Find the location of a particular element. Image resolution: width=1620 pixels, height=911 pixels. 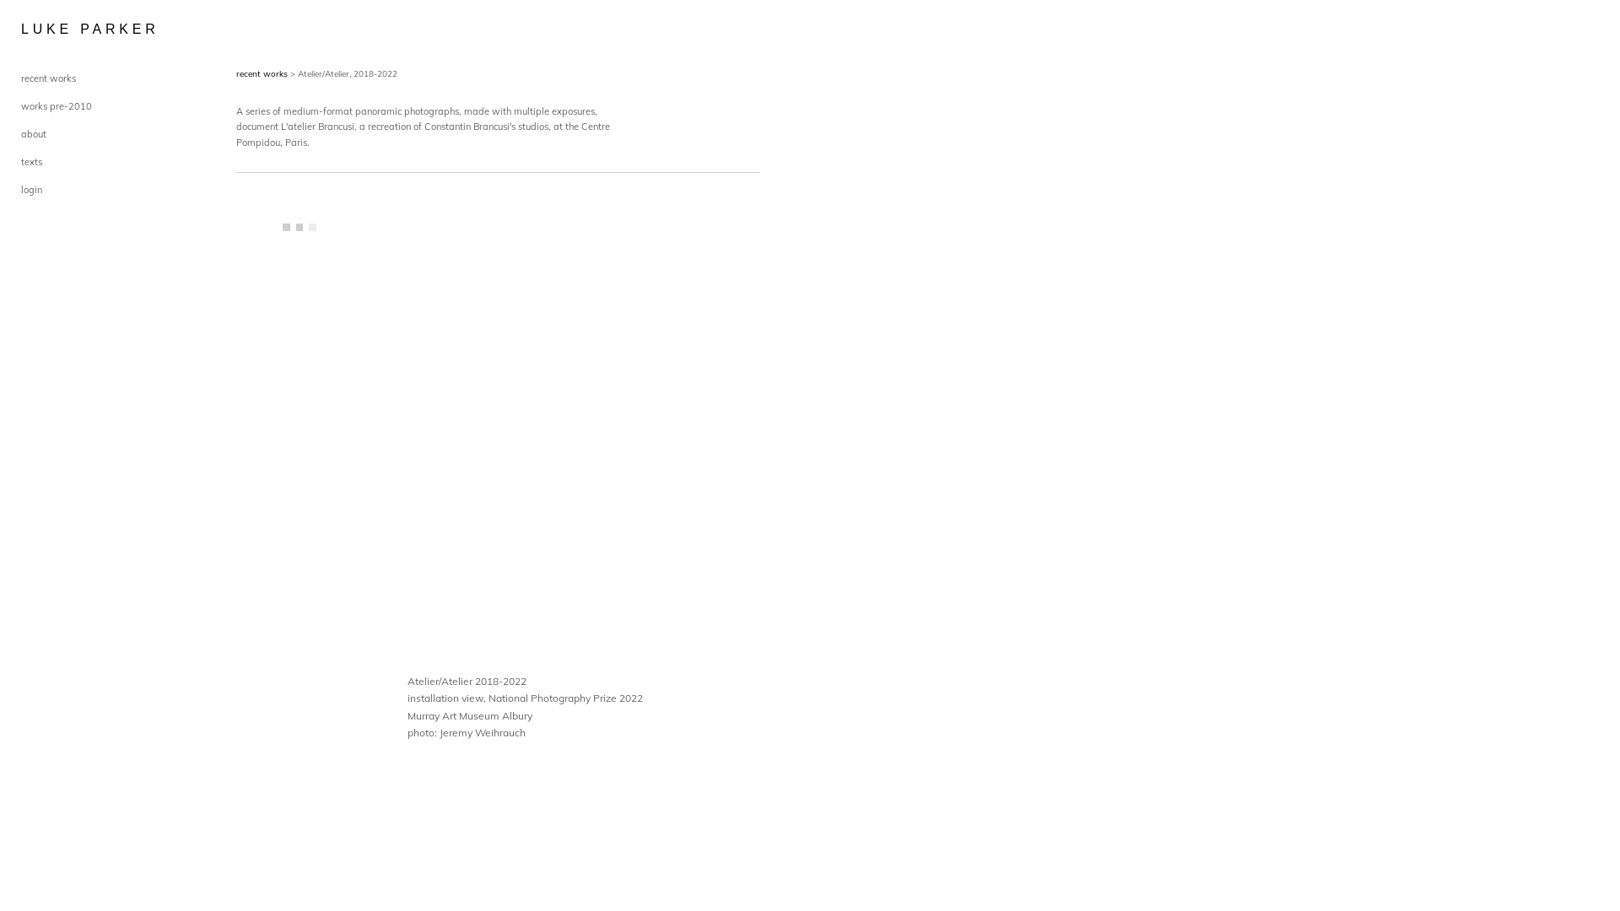

'texts' is located at coordinates (31, 162).